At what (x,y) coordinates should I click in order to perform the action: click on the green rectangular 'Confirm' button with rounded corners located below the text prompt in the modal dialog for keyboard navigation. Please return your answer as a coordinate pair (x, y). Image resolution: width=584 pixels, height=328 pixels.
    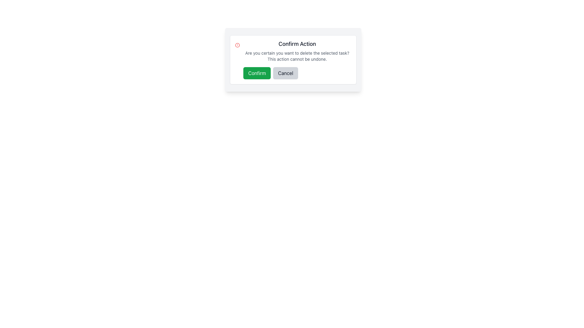
    Looking at the image, I should click on (257, 73).